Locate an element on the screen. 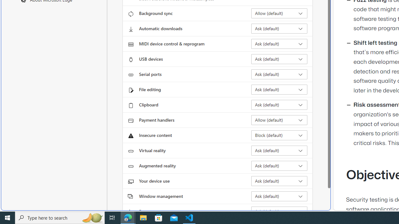 This screenshot has width=399, height=224. 'Payment handlers Allow (default)' is located at coordinates (279, 120).